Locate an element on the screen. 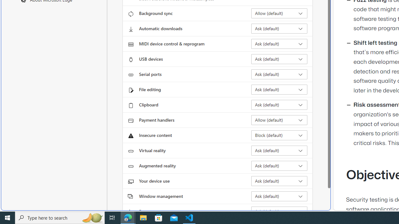 This screenshot has width=399, height=224. 'Payment handlers Allow (default)' is located at coordinates (279, 120).